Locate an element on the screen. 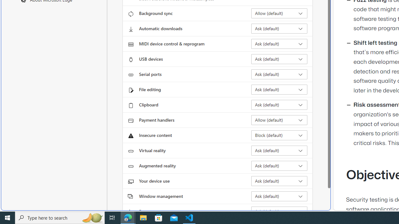 This screenshot has width=399, height=224. 'Payment handlers Allow (default)' is located at coordinates (279, 120).